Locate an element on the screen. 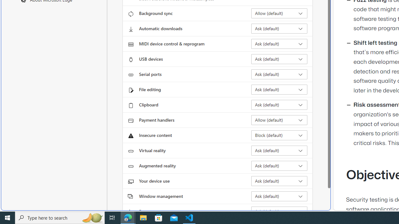 This screenshot has width=399, height=224. 'Payment handlers Allow (default)' is located at coordinates (279, 120).